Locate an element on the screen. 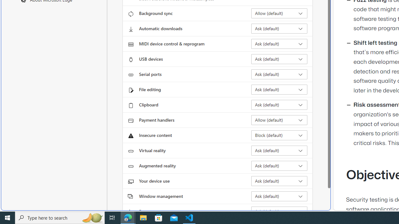 This screenshot has width=399, height=224. 'Payment handlers Allow (default)' is located at coordinates (279, 120).